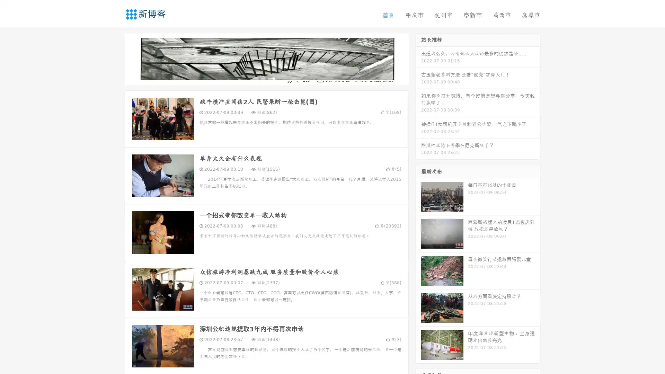 The image size is (665, 374). I want to click on Go to slide 2, so click(266, 78).